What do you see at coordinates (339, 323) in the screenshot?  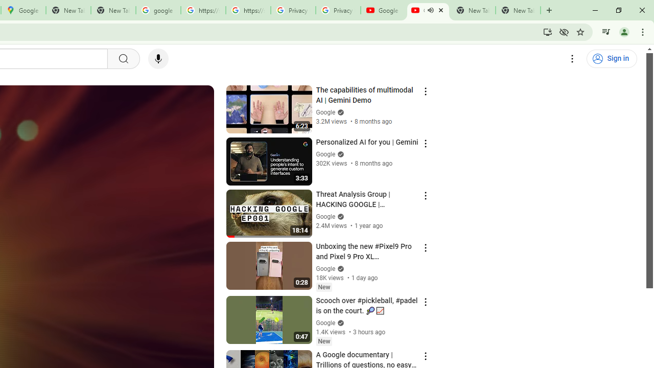 I see `'Verified'` at bounding box center [339, 323].